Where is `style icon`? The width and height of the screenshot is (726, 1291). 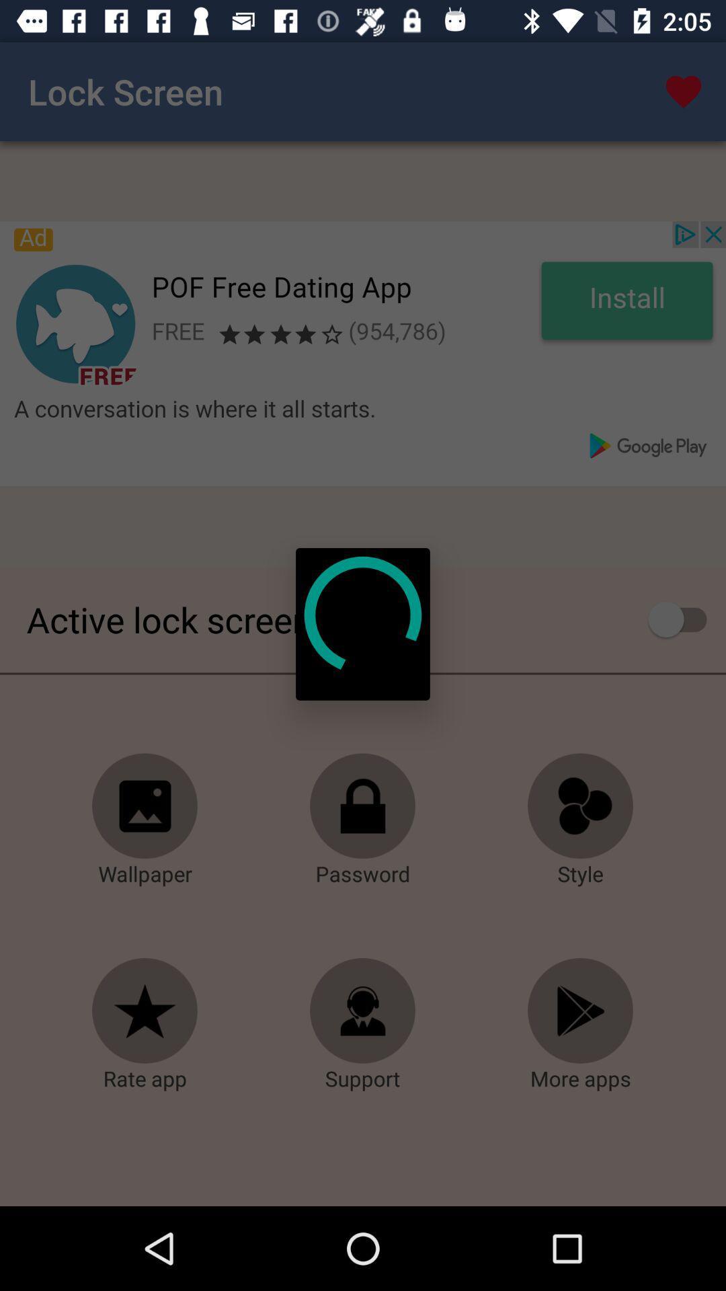
style icon is located at coordinates (580, 806).